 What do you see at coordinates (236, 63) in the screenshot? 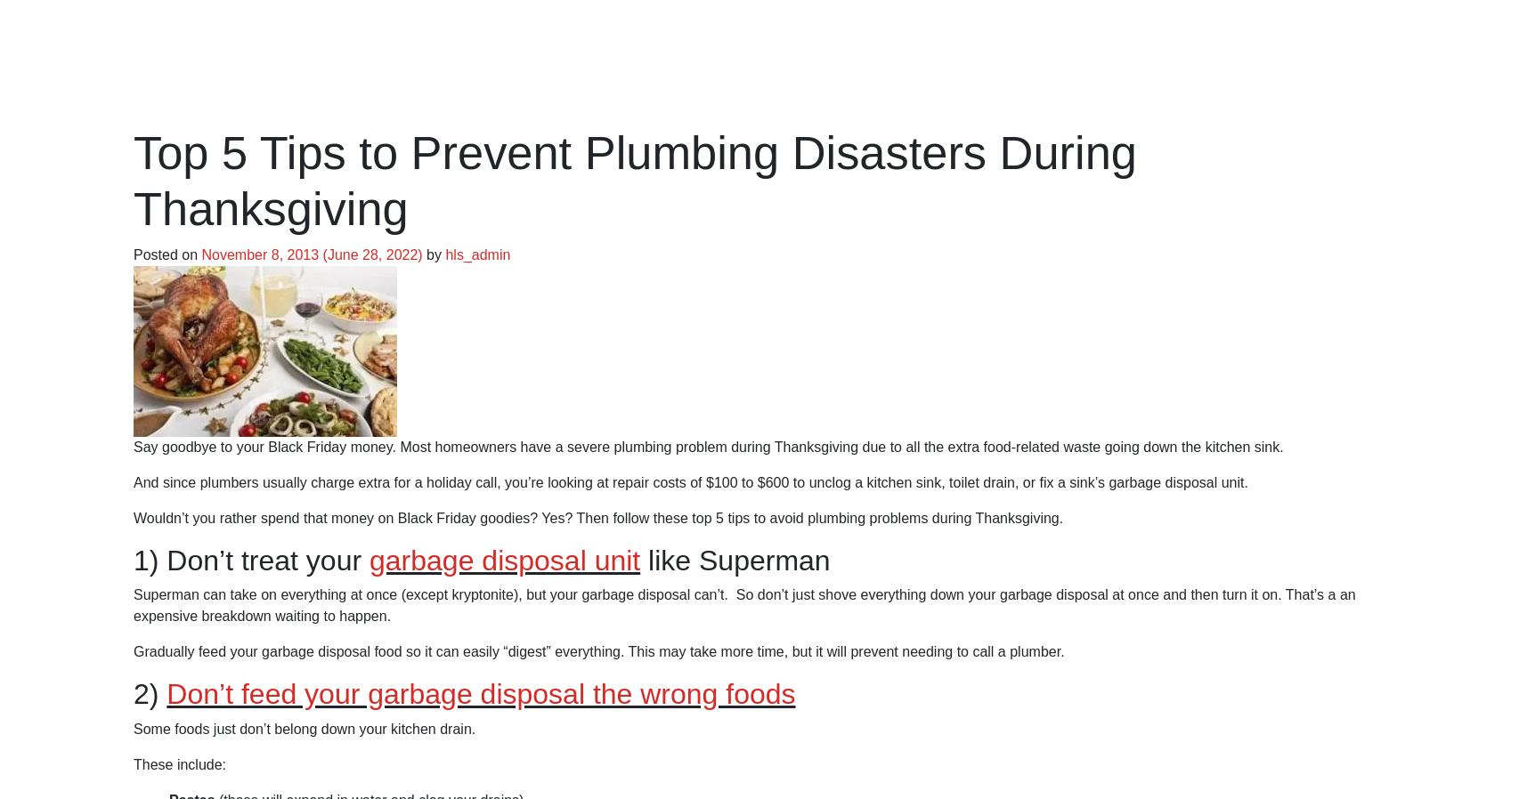
I see `'Facial cleansing pads'` at bounding box center [236, 63].